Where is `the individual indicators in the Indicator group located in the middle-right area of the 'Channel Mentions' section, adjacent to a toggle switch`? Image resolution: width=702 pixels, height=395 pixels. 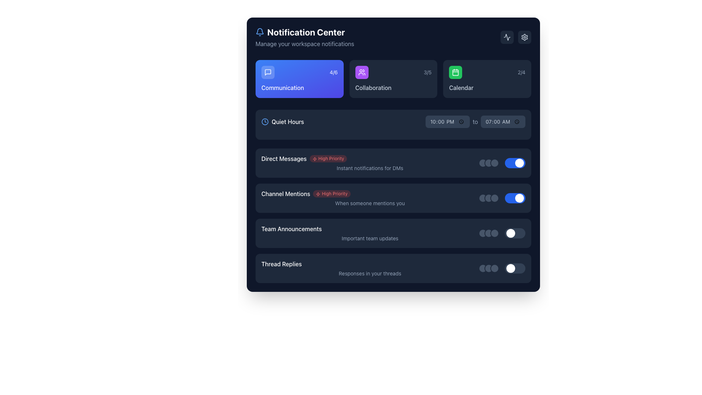 the individual indicators in the Indicator group located in the middle-right area of the 'Channel Mentions' section, adjacent to a toggle switch is located at coordinates (489, 198).